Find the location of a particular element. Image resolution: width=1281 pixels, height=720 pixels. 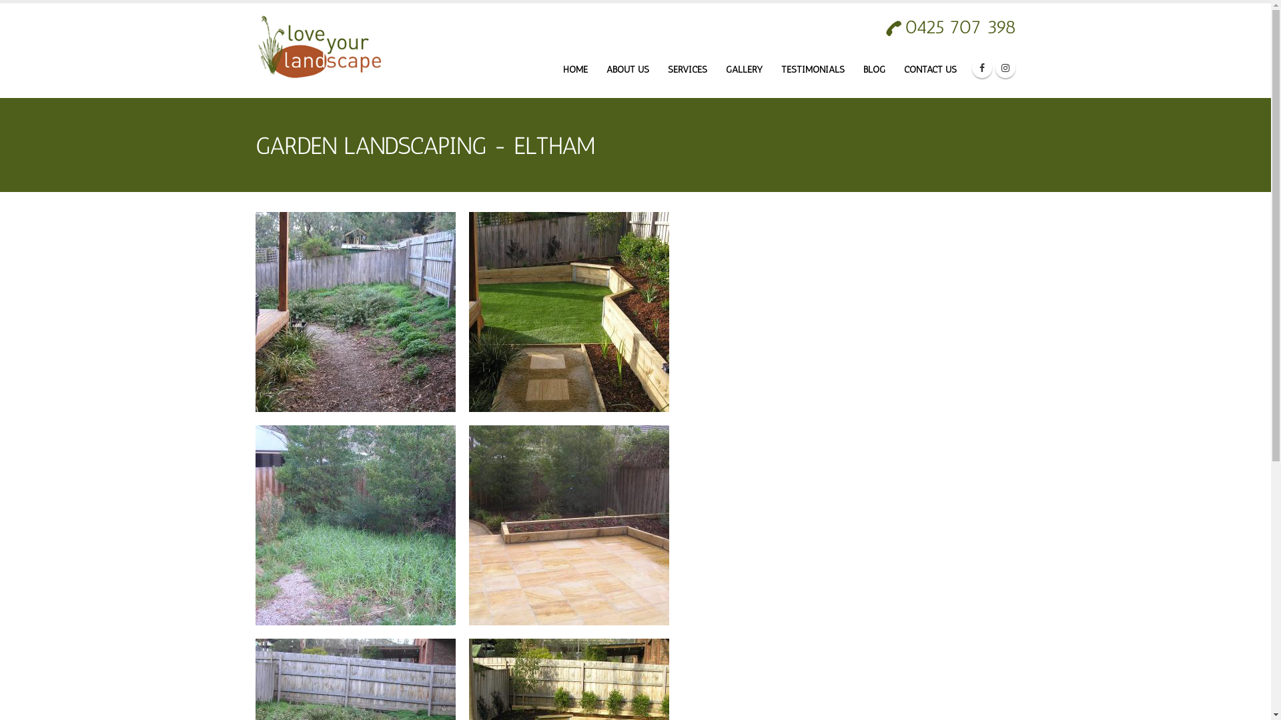

'CONTACT US' is located at coordinates (929, 69).